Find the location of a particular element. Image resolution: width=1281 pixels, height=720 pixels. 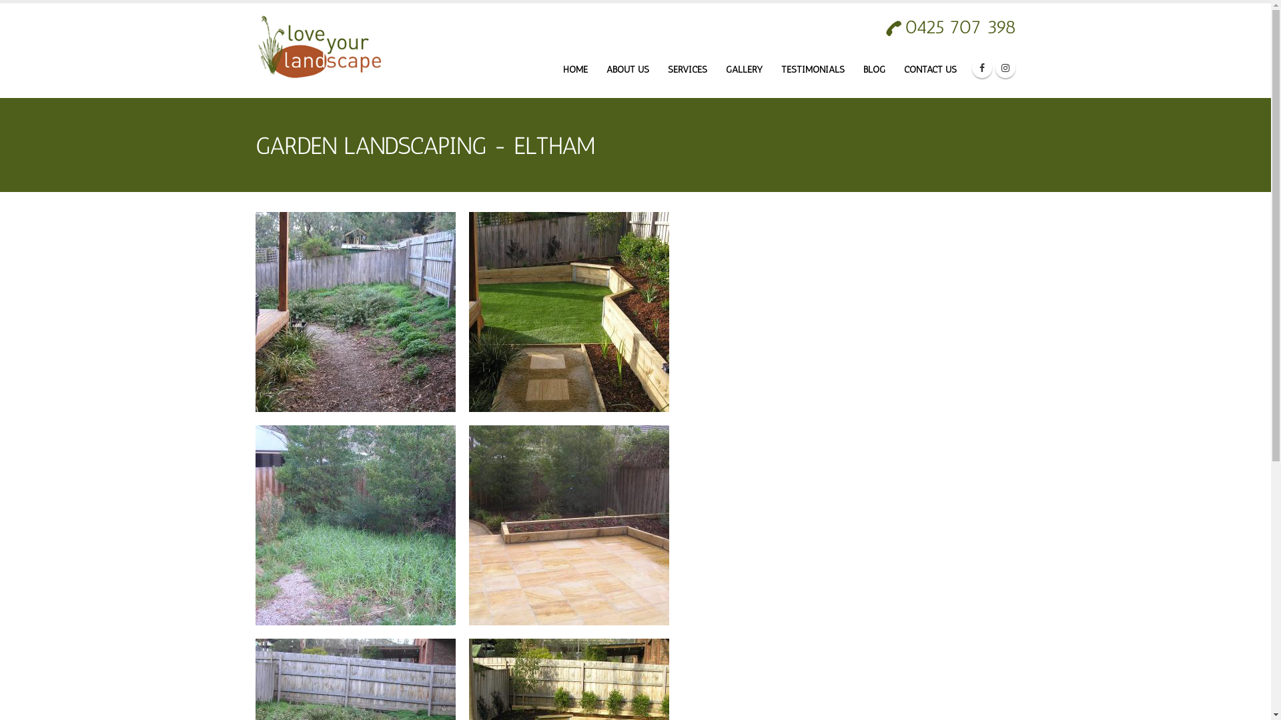

'CONTACT US' is located at coordinates (929, 69).